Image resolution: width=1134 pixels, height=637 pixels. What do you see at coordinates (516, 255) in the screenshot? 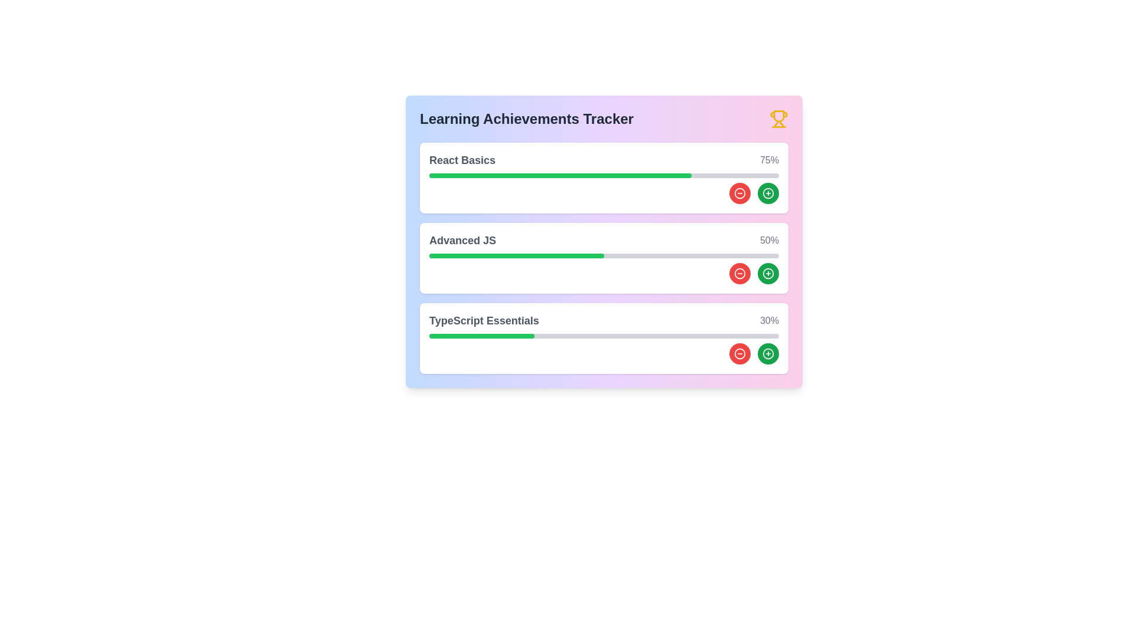
I see `the green progress indicator representing 50% completion in the second progress bar labeled 'Advanced JS'` at bounding box center [516, 255].